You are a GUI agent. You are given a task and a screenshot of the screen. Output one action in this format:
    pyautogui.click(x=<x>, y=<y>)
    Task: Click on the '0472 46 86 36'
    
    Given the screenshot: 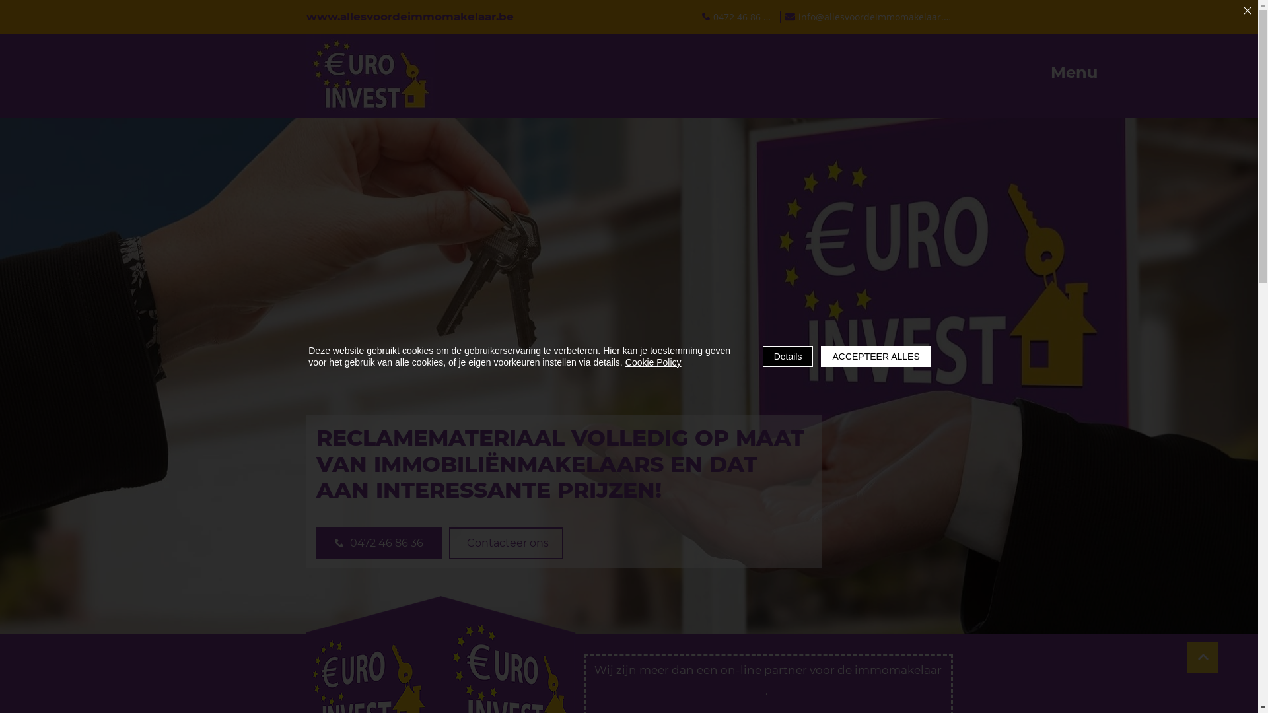 What is the action you would take?
    pyautogui.click(x=378, y=543)
    